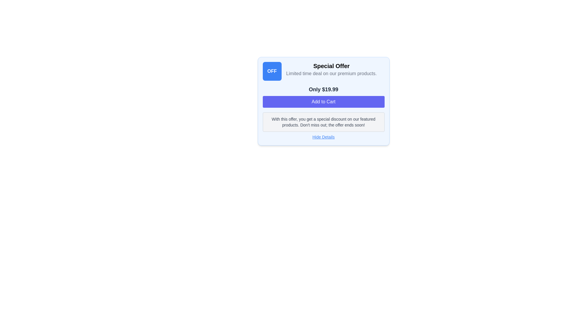 The width and height of the screenshot is (565, 317). What do you see at coordinates (331, 66) in the screenshot?
I see `bold text label 'Special Offer' which is prominently displayed as a heading in the promotional card` at bounding box center [331, 66].